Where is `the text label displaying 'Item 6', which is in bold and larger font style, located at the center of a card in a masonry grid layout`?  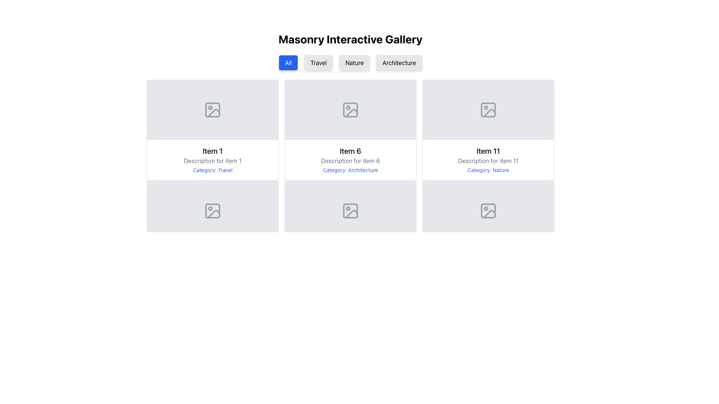 the text label displaying 'Item 6', which is in bold and larger font style, located at the center of a card in a masonry grid layout is located at coordinates (350, 151).